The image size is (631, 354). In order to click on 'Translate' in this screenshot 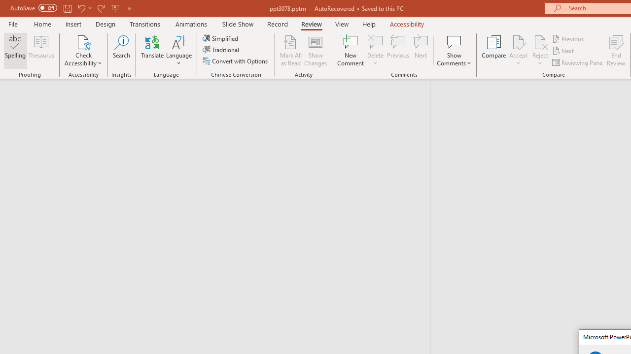, I will do `click(152, 51)`.